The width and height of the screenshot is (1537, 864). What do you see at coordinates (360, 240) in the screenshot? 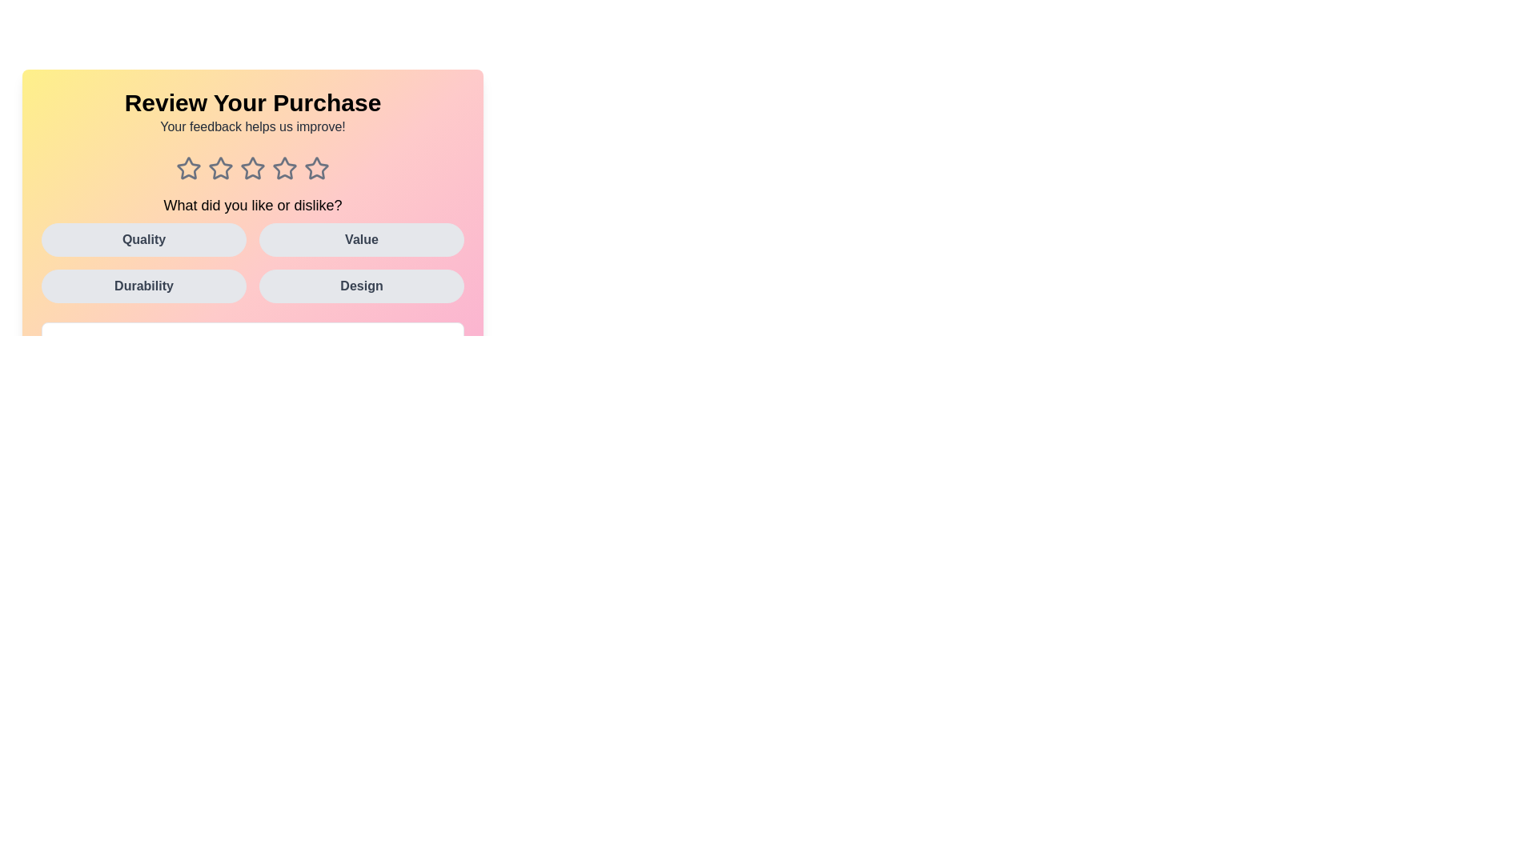
I see `the pill-shaped button labeled 'Value'` at bounding box center [360, 240].